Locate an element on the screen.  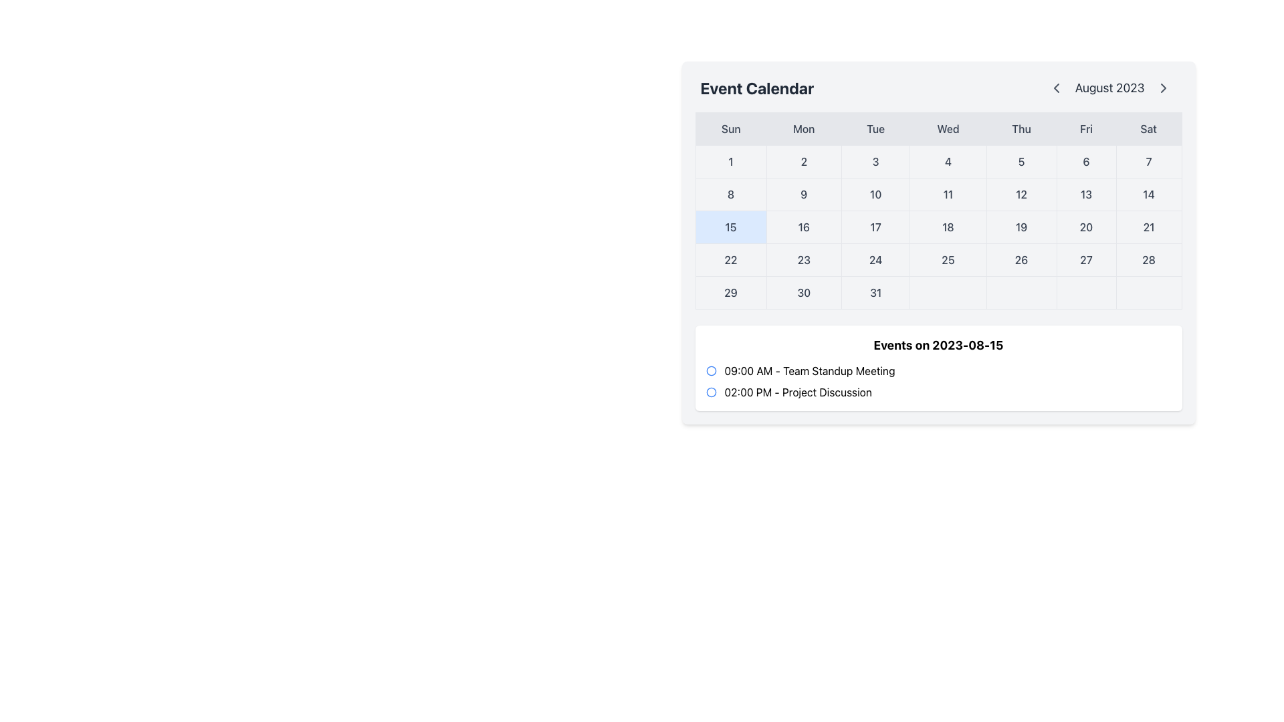
the text label displaying 'Sat' in a bold, centered font, located at the top of a day column in the calendar interface is located at coordinates (1148, 128).